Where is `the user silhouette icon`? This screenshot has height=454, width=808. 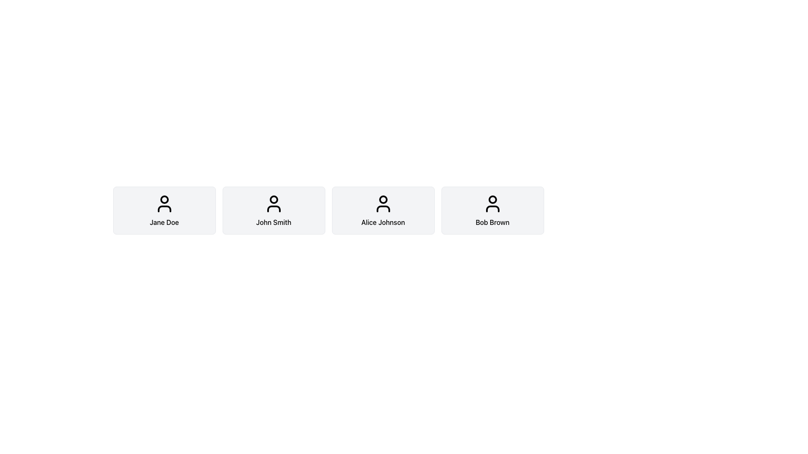 the user silhouette icon is located at coordinates (492, 204).